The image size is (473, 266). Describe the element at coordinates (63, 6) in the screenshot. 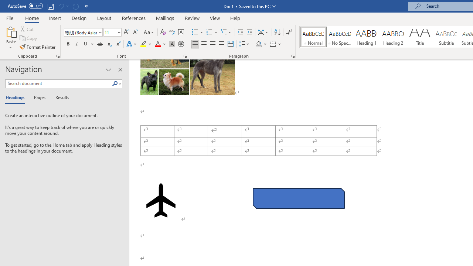

I see `'Can'` at that location.